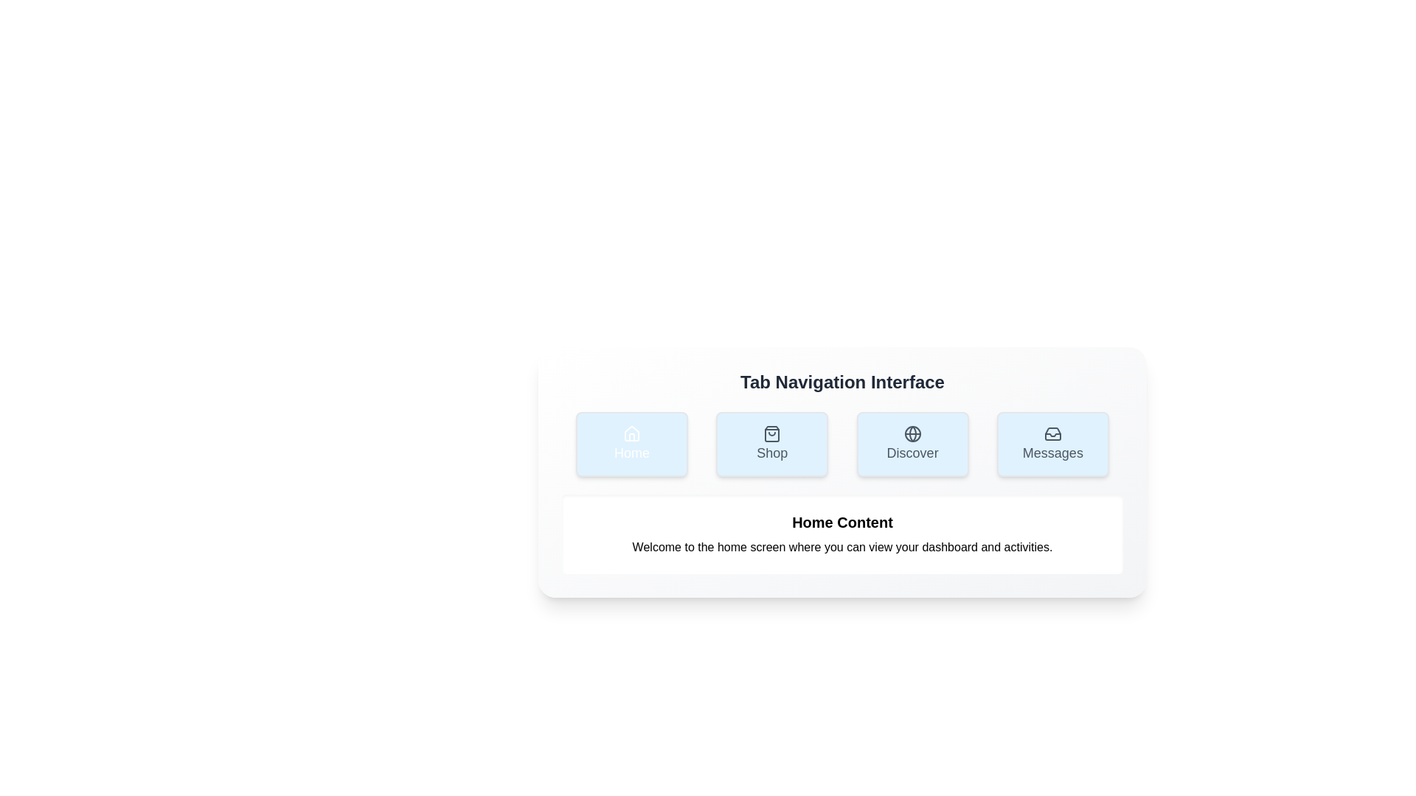 The height and width of the screenshot is (796, 1416). I want to click on the shopping bag icon, which is part of the navigation options labeled as 'Shop' in the top-center area of the interface, so click(771, 433).